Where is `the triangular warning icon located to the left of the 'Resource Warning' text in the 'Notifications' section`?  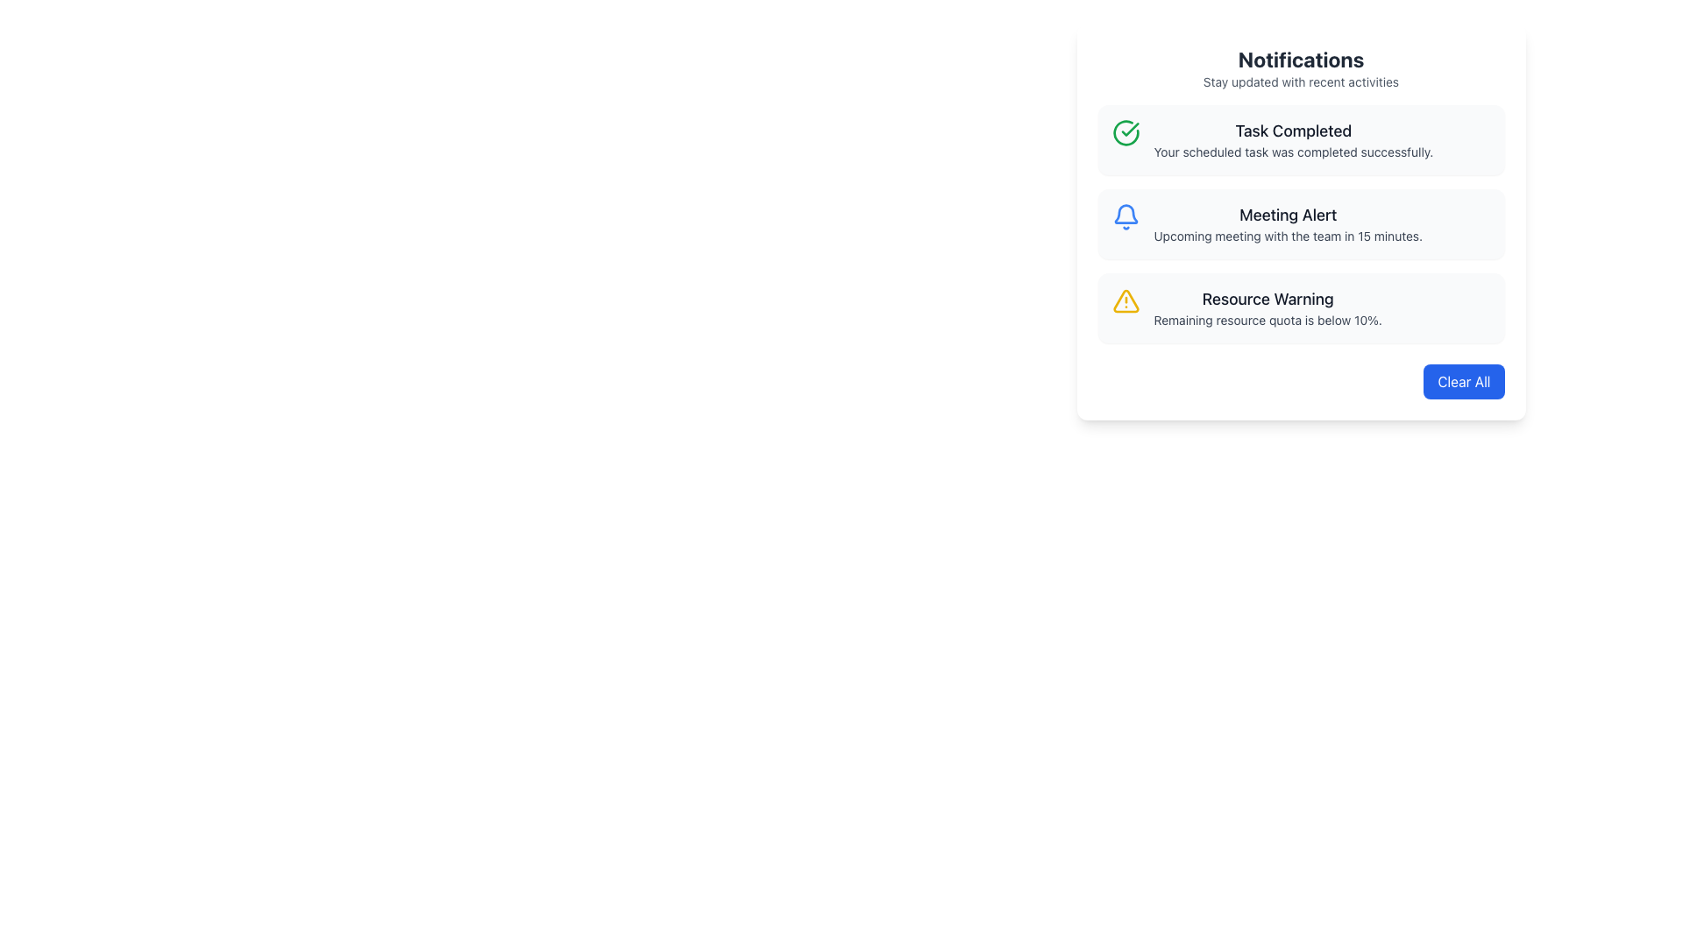 the triangular warning icon located to the left of the 'Resource Warning' text in the 'Notifications' section is located at coordinates (1126, 300).